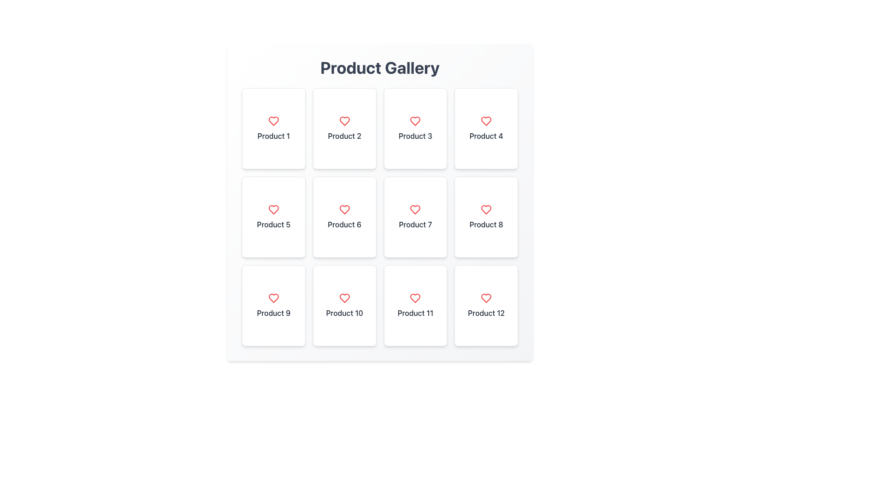  What do you see at coordinates (344, 312) in the screenshot?
I see `text label displaying 'Product 10' located below the red favorite heart icon in the card layout, situated in the third row and second column of the grid` at bounding box center [344, 312].